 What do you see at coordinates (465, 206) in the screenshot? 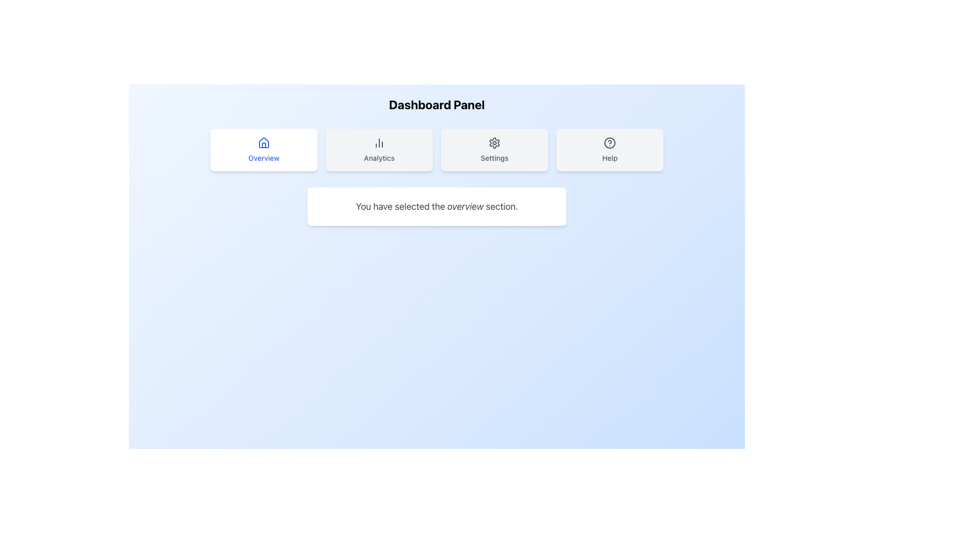
I see `the text element displaying the word 'overview' which is centrally aligned within a white card below the buttons labeled 'Overview', 'Analytics', 'Settings', and 'Help'` at bounding box center [465, 206].